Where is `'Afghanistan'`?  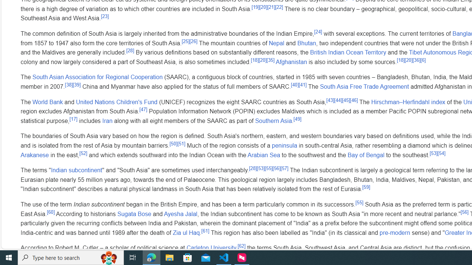
'Afghanistan' is located at coordinates (291, 61).